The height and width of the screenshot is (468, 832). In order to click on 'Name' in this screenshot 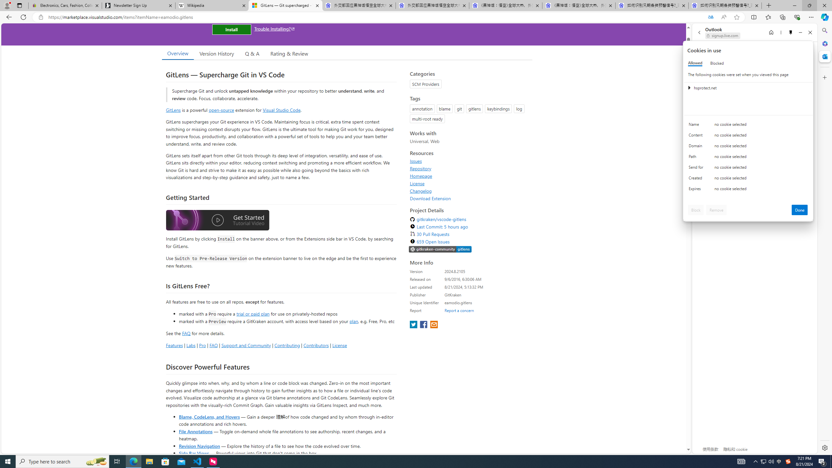, I will do `click(697, 125)`.